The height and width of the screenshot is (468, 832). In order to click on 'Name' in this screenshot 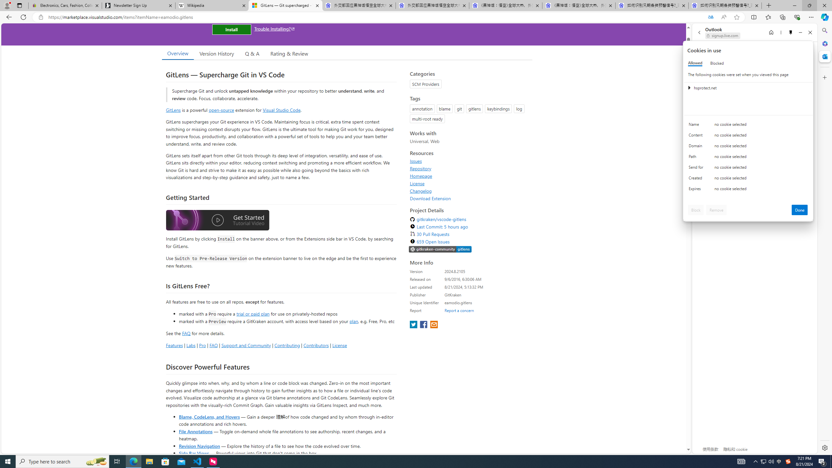, I will do `click(697, 125)`.